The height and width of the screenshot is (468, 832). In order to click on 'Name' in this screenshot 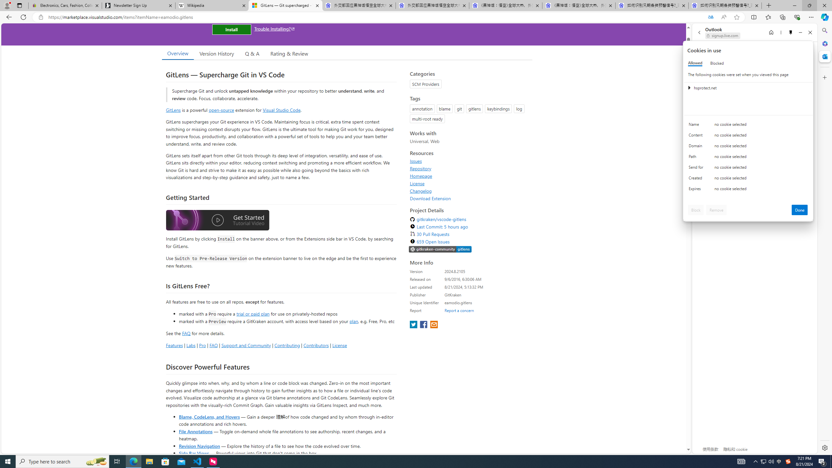, I will do `click(697, 125)`.